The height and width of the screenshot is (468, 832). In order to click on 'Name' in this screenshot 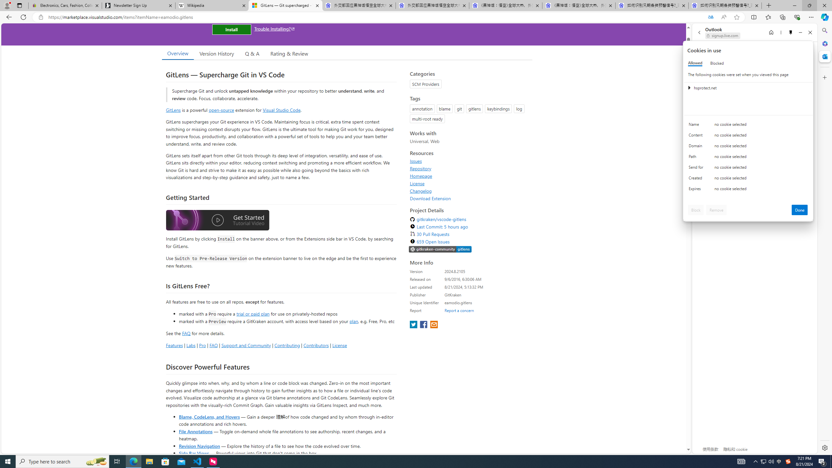, I will do `click(697, 125)`.